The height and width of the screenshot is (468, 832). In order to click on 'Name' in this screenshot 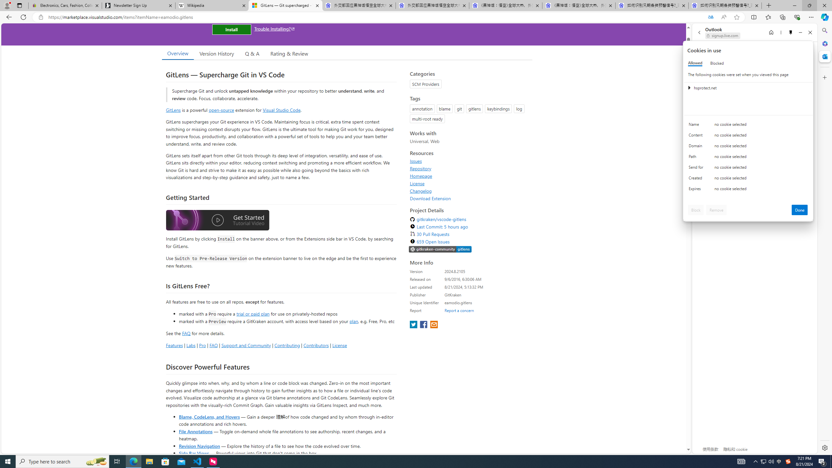, I will do `click(697, 125)`.